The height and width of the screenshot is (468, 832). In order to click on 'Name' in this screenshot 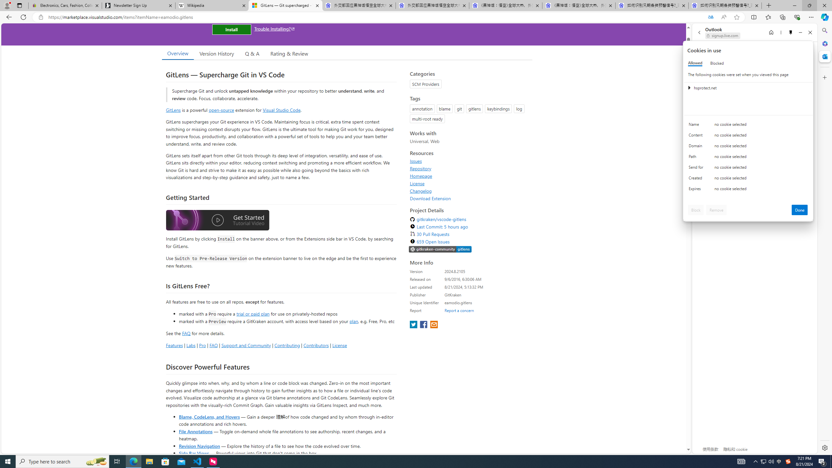, I will do `click(697, 125)`.